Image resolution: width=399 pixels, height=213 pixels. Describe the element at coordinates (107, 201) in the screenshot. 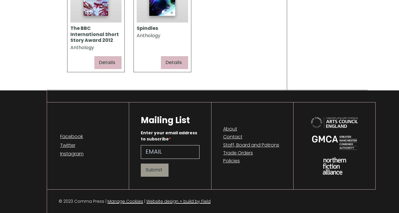

I see `'Manage Cookies'` at that location.